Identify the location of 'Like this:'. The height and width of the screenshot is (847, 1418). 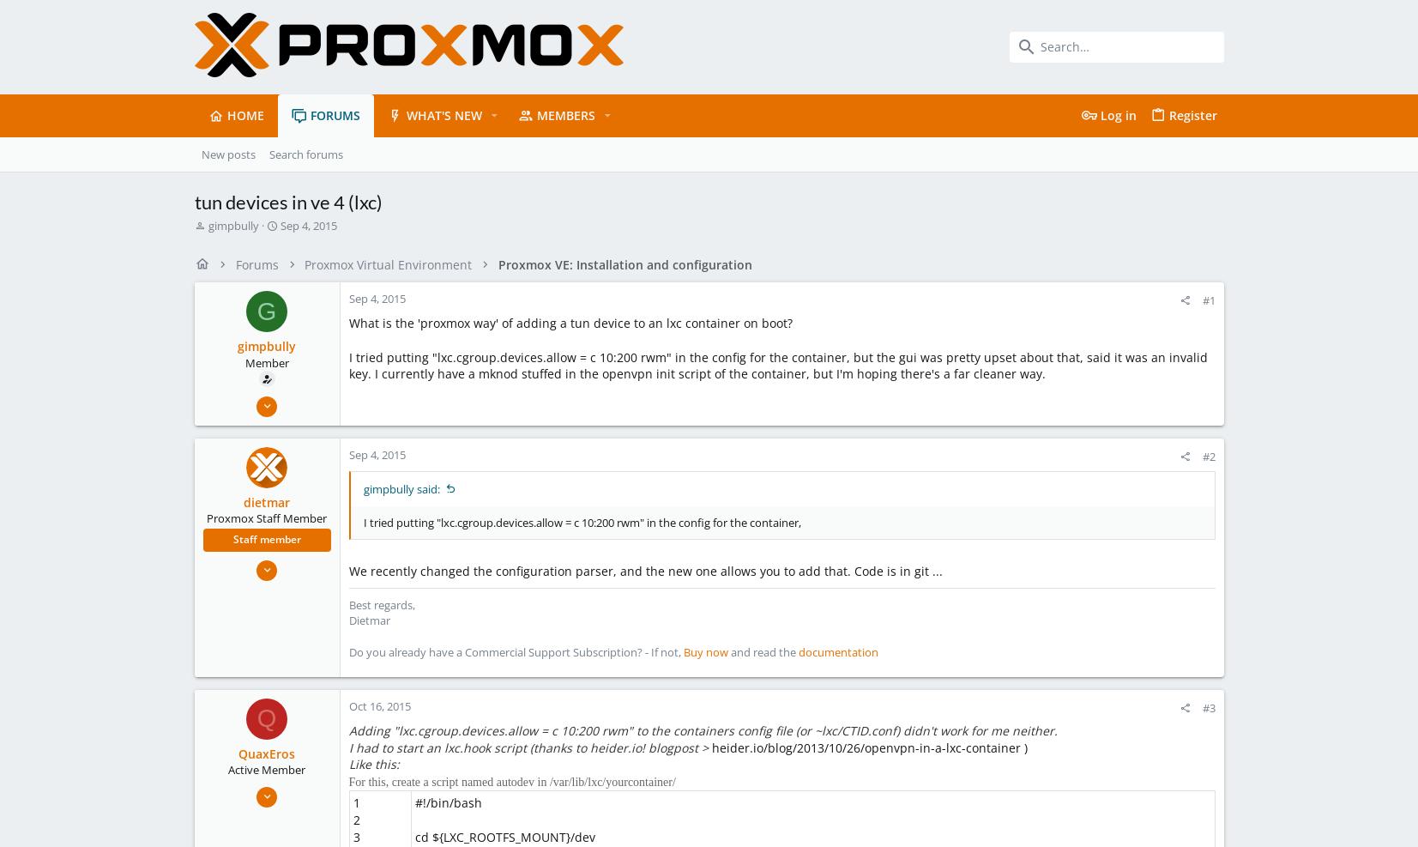
(372, 763).